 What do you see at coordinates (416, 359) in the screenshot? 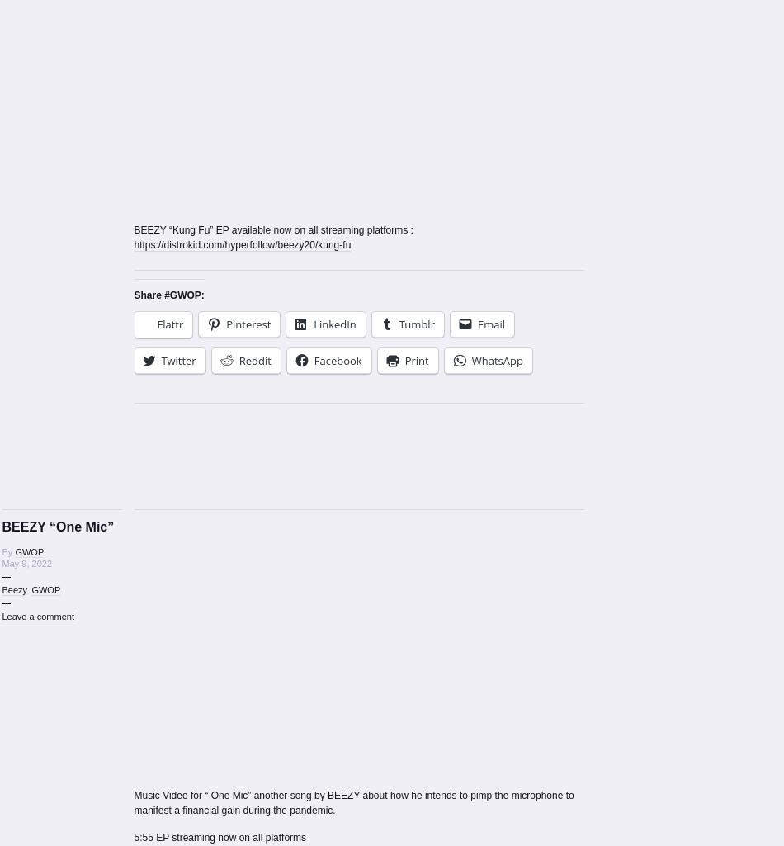
I see `'Print'` at bounding box center [416, 359].